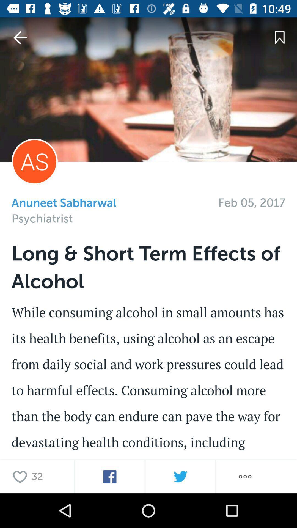  What do you see at coordinates (21, 476) in the screenshot?
I see `like comment` at bounding box center [21, 476].